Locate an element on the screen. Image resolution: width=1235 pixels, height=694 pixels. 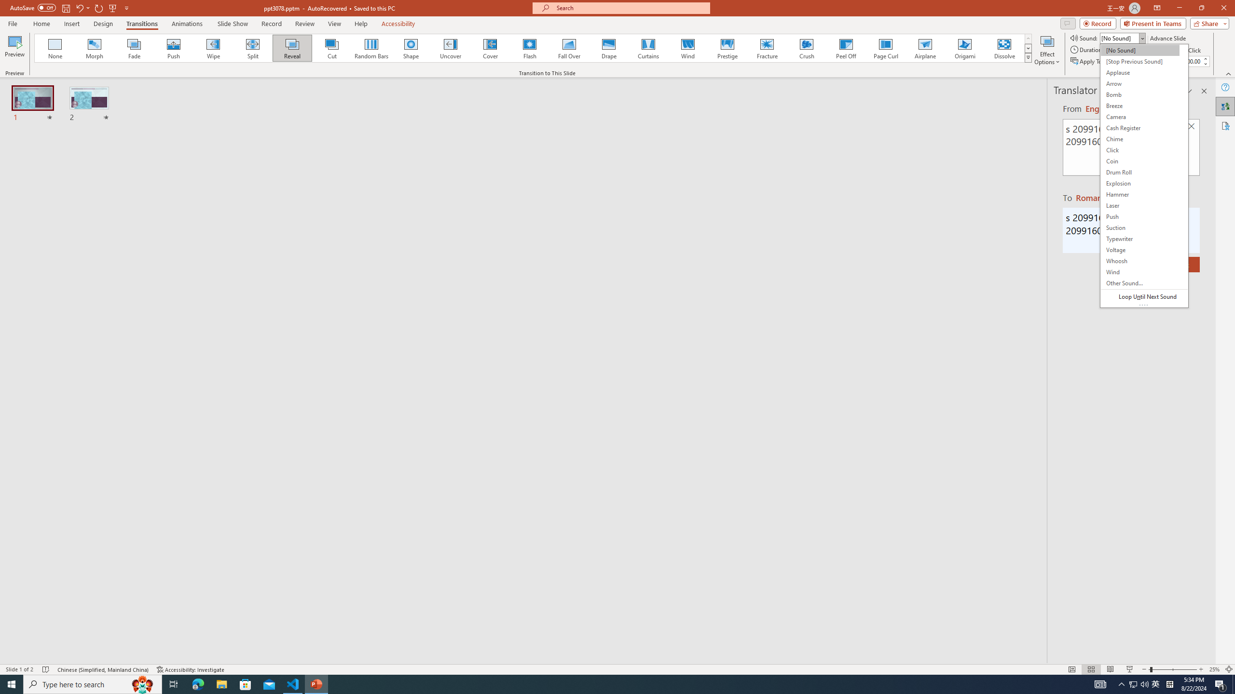
'Action Center, 1 new notification' is located at coordinates (1221, 683).